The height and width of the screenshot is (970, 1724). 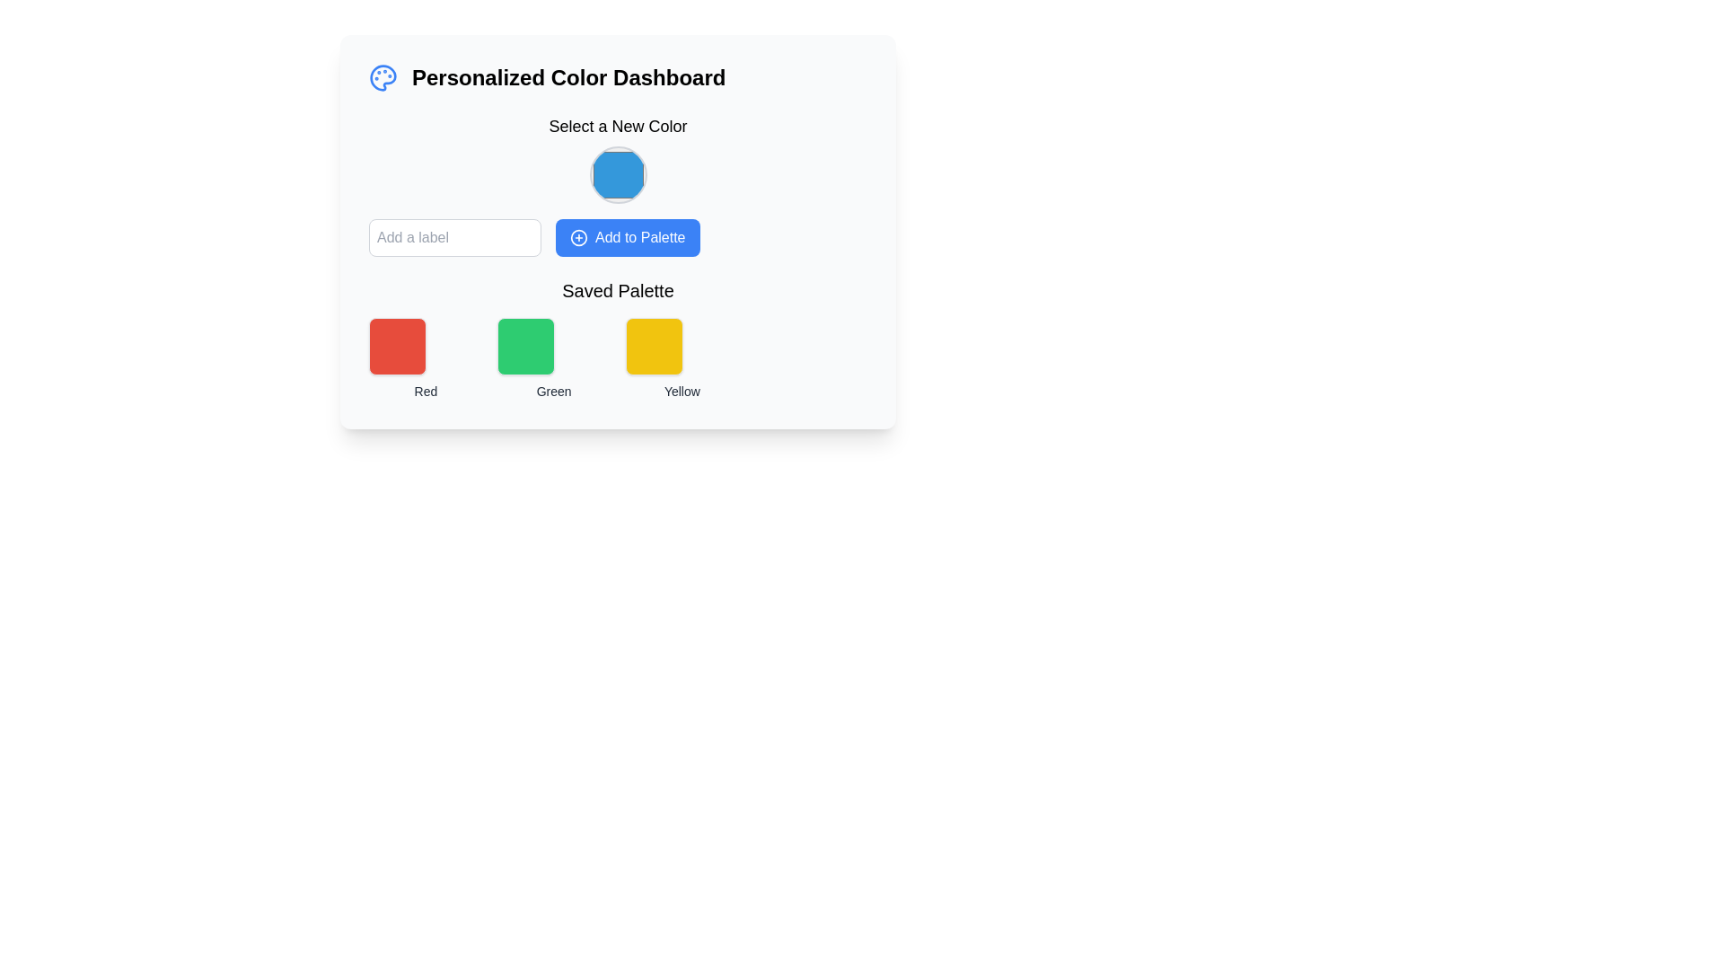 What do you see at coordinates (726, 330) in the screenshot?
I see `the trash icon button, which is a small square with a trash can symbol inside, located in the top-right corner of the 'Yellow' palette item, to change its color to red` at bounding box center [726, 330].